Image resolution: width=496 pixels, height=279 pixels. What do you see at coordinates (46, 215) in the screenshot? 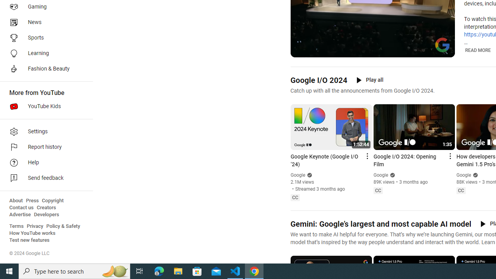
I see `'Developers'` at bounding box center [46, 215].